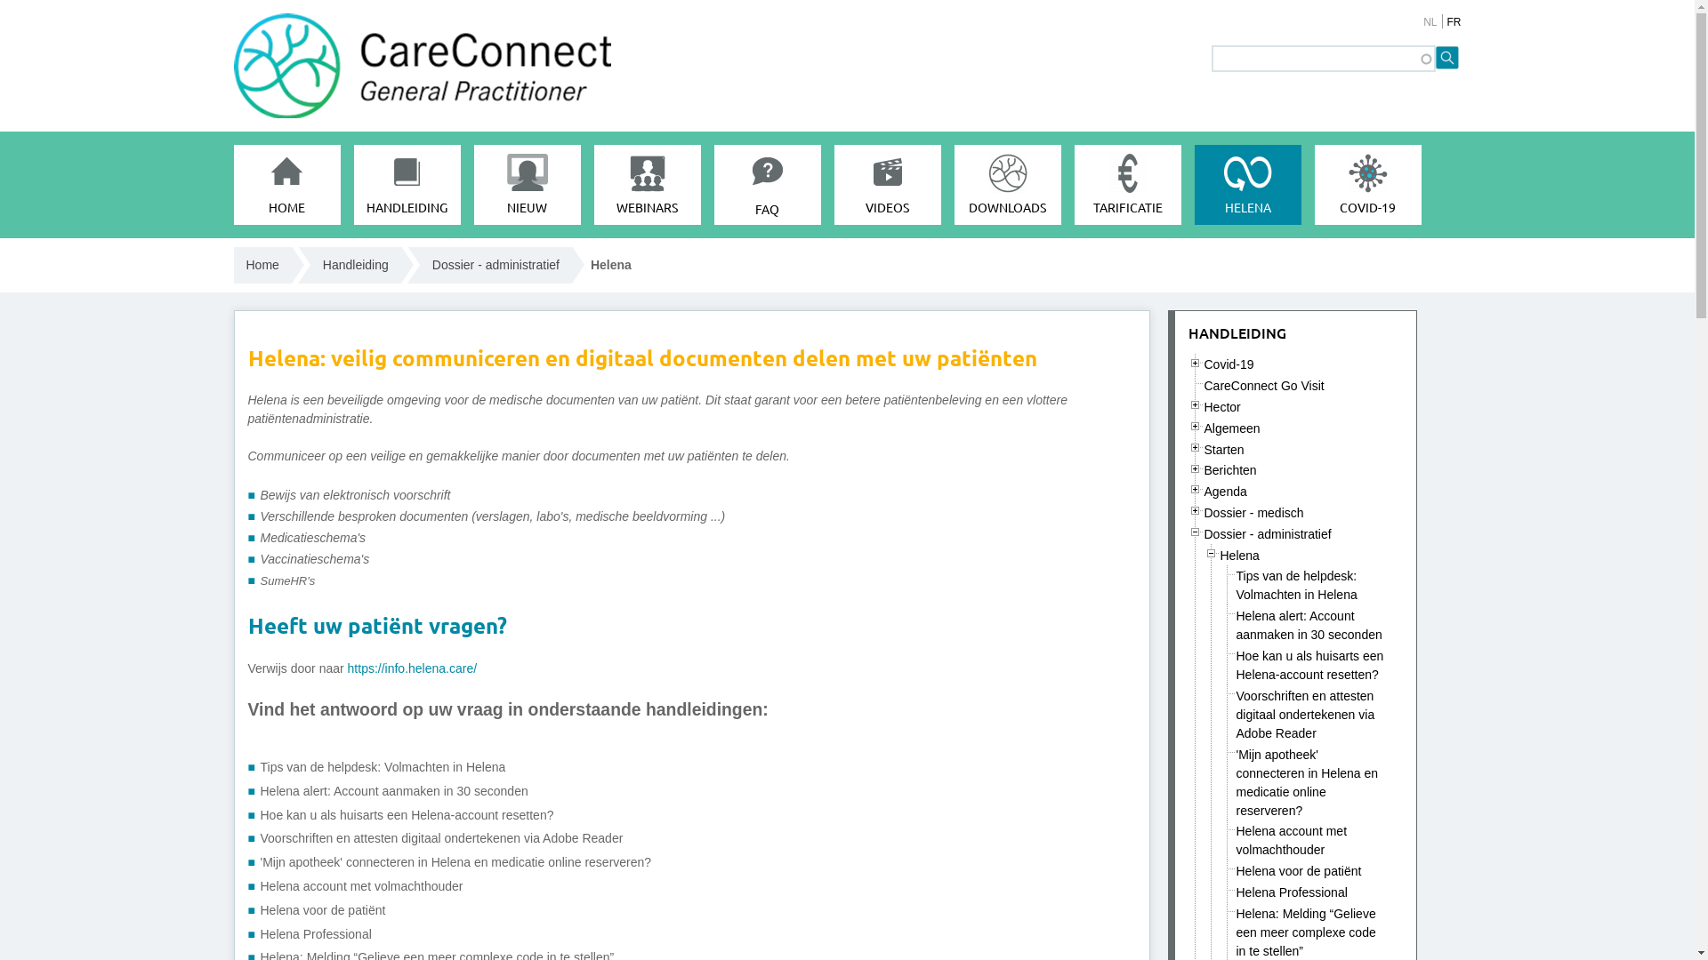 The image size is (1708, 960). Describe the element at coordinates (1188, 489) in the screenshot. I see `' '` at that location.